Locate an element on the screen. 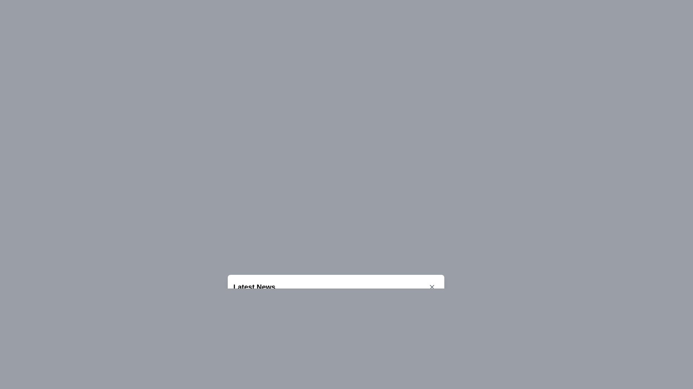 This screenshot has width=693, height=389. the close button located at the far-right side of the bar displaying the text 'Latest News' is located at coordinates (432, 286).